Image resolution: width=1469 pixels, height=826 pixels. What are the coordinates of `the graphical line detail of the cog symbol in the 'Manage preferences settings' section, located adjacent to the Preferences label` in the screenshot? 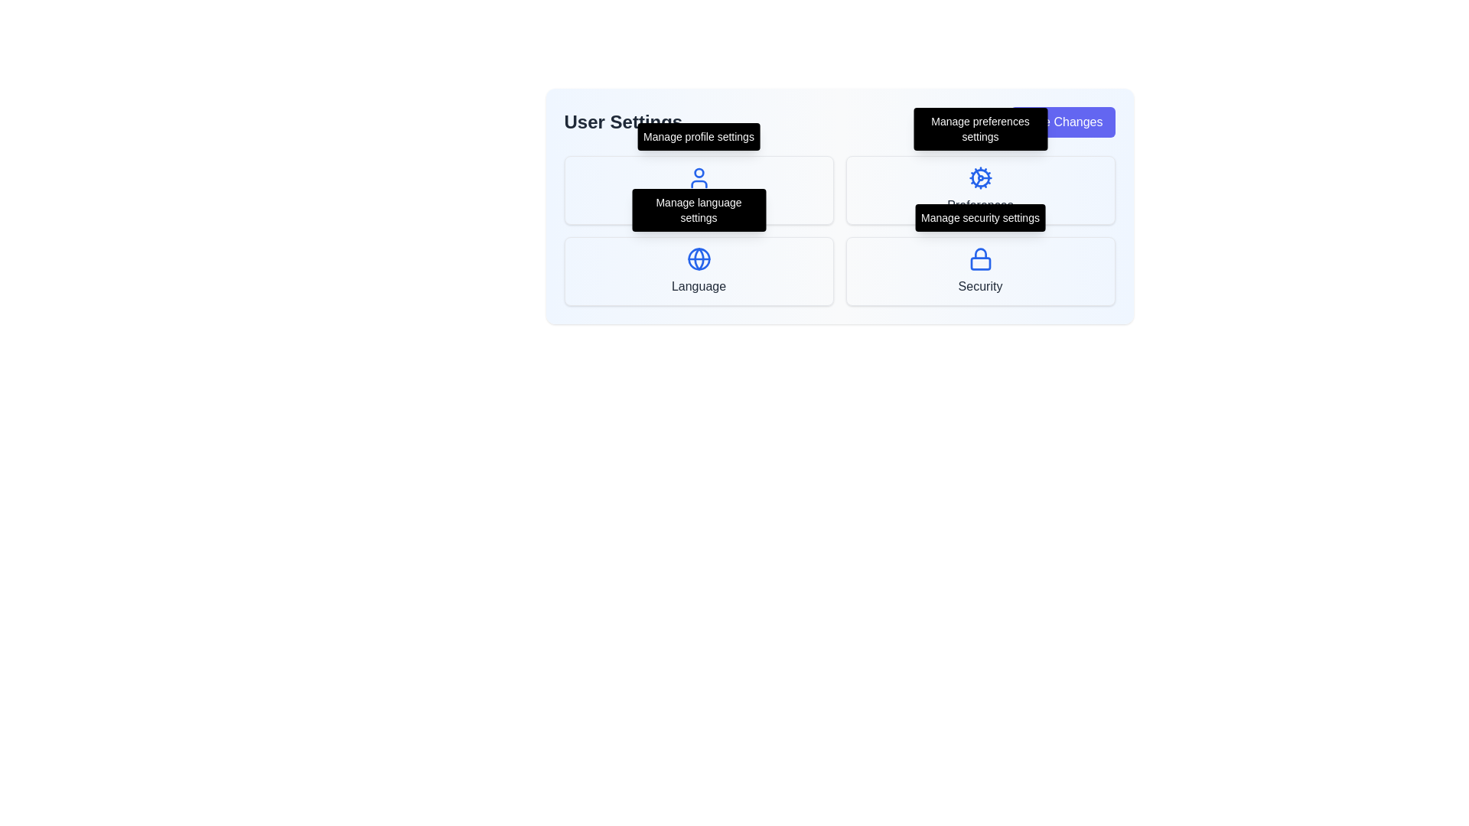 It's located at (976, 172).